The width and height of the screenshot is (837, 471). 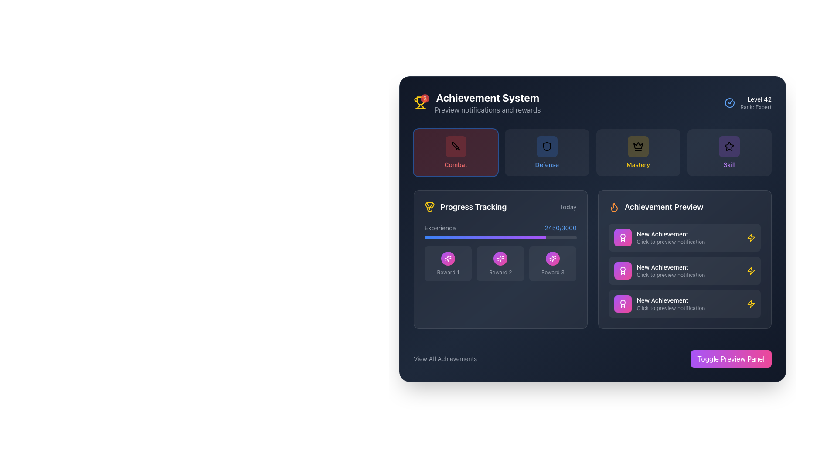 What do you see at coordinates (613, 207) in the screenshot?
I see `the flame icon located in the 'Achievement Preview' section, which is the only flame icon to the left of the section title` at bounding box center [613, 207].